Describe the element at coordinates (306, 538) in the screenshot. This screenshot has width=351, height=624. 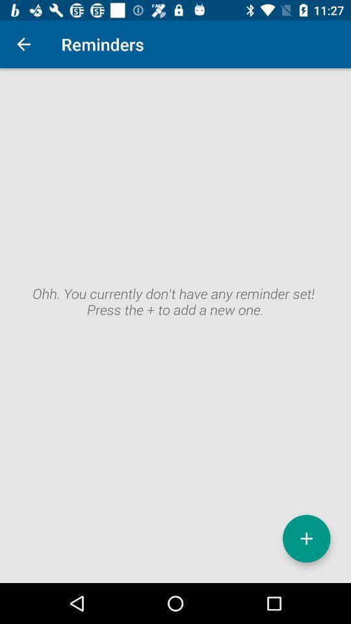
I see `reminder option` at that location.